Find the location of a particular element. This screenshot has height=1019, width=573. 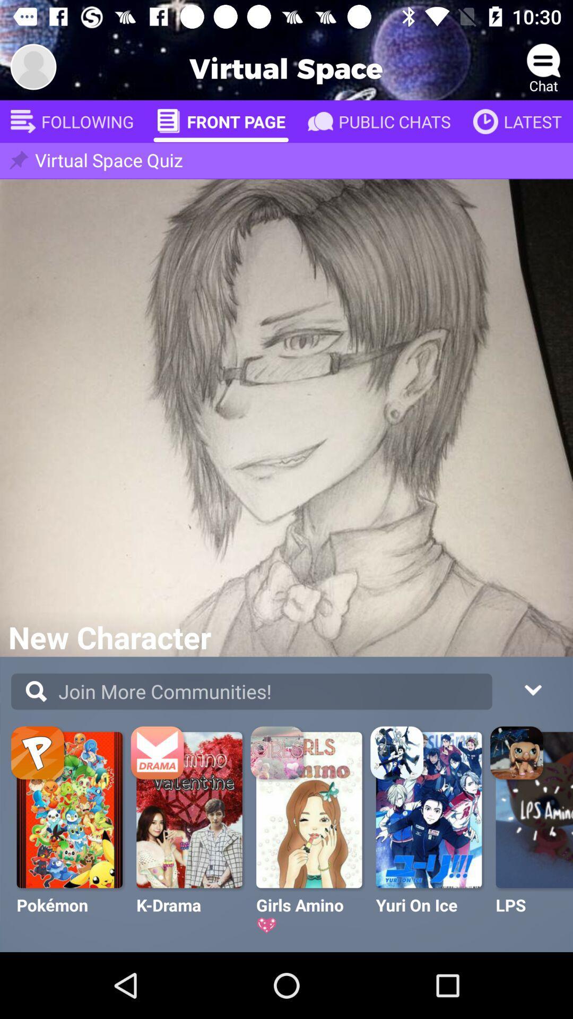

the expand_more icon is located at coordinates (532, 688).